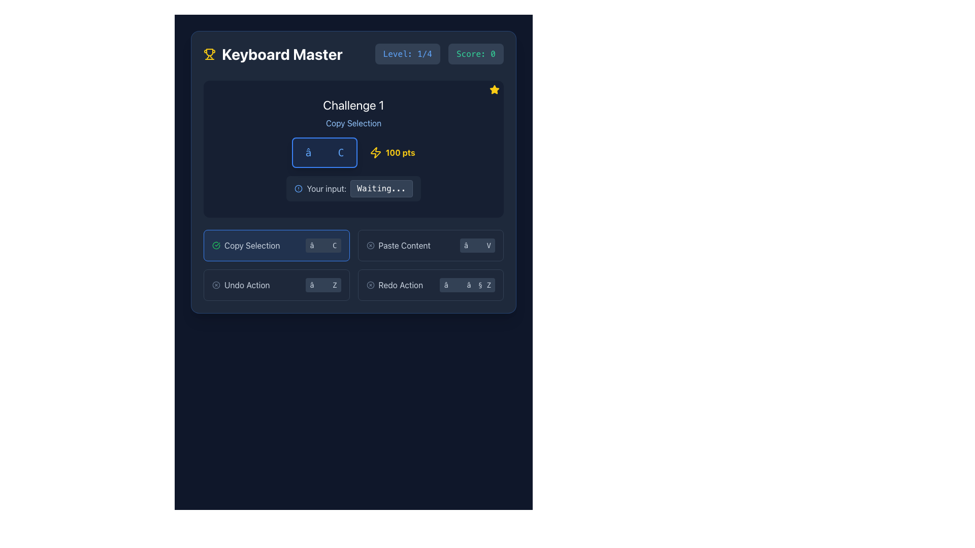 This screenshot has width=975, height=548. I want to click on the 'Undo Action' text label, which is displayed in light gray on a dark background and is positioned below 'Copy Selection' and to the left of 'Redo Action', so click(247, 285).